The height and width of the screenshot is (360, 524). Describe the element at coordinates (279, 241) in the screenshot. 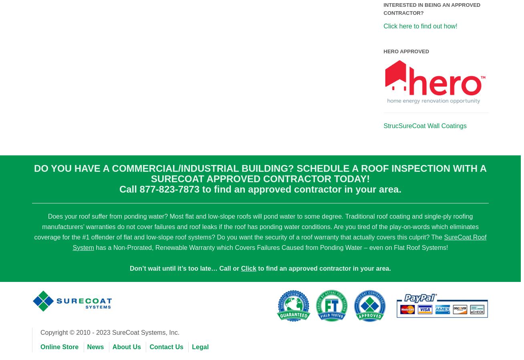

I see `'SureCoat Roof System'` at that location.